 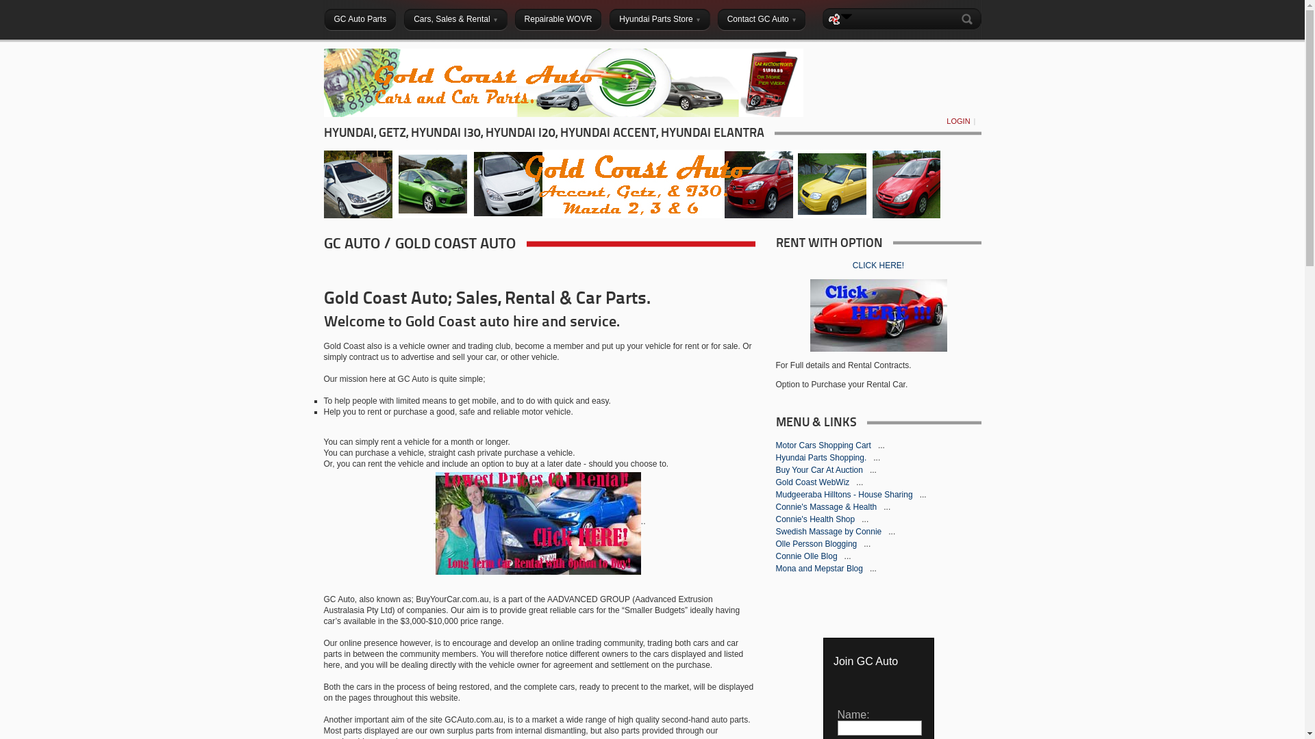 I want to click on 'Search', so click(x=958, y=18).